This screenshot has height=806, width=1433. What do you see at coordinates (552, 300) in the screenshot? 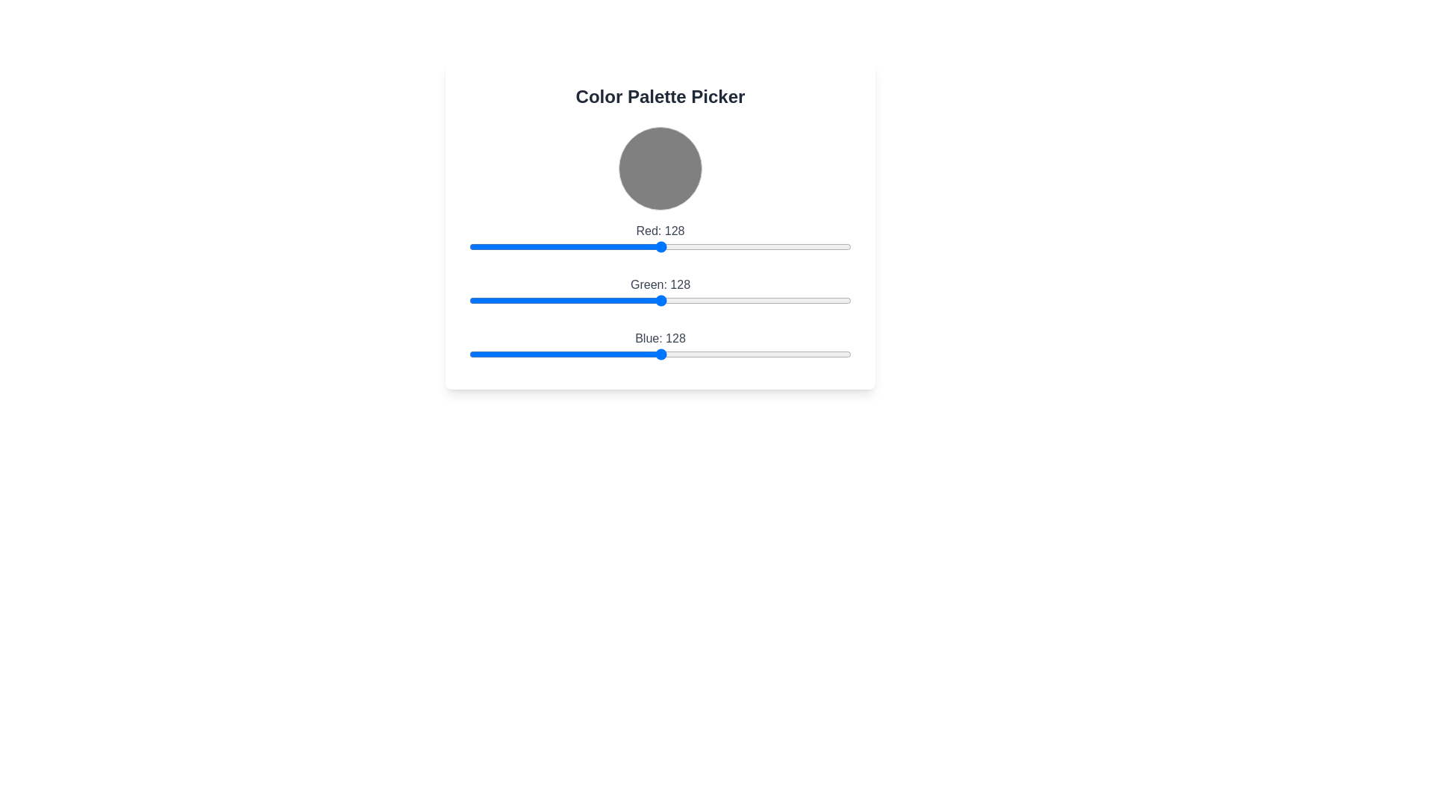
I see `the green value` at bounding box center [552, 300].